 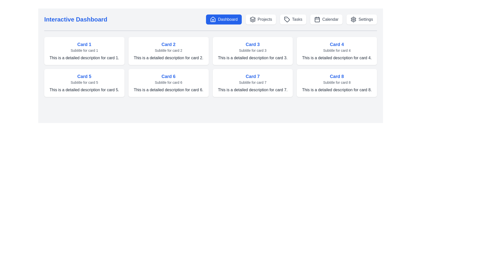 What do you see at coordinates (353, 19) in the screenshot?
I see `the 'Settings' button icon, which is represented by a gear icon located on the left side of the button, in the top-right section of the interface` at bounding box center [353, 19].